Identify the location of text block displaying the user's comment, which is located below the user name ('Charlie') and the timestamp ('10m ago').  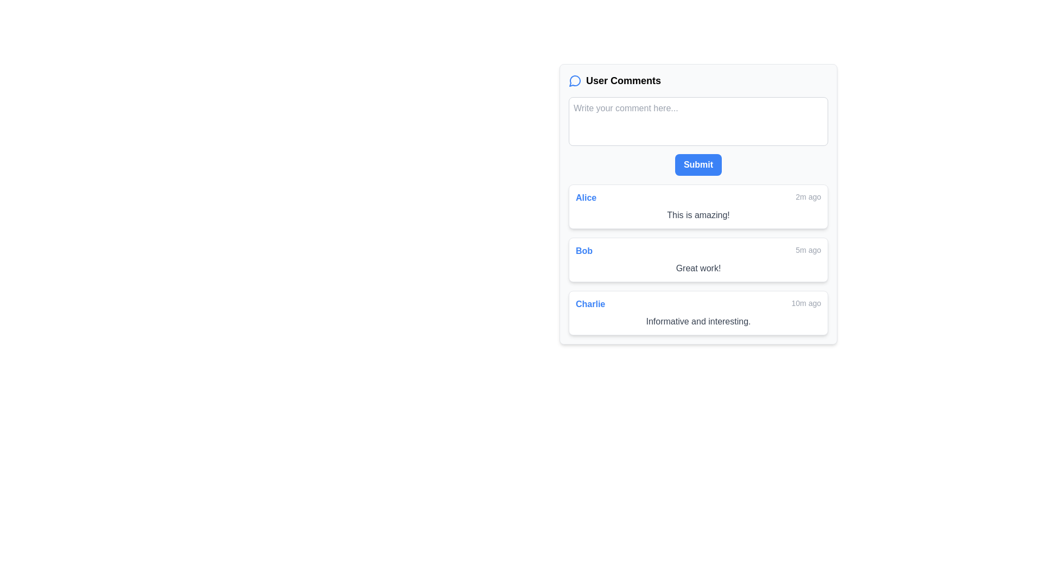
(698, 321).